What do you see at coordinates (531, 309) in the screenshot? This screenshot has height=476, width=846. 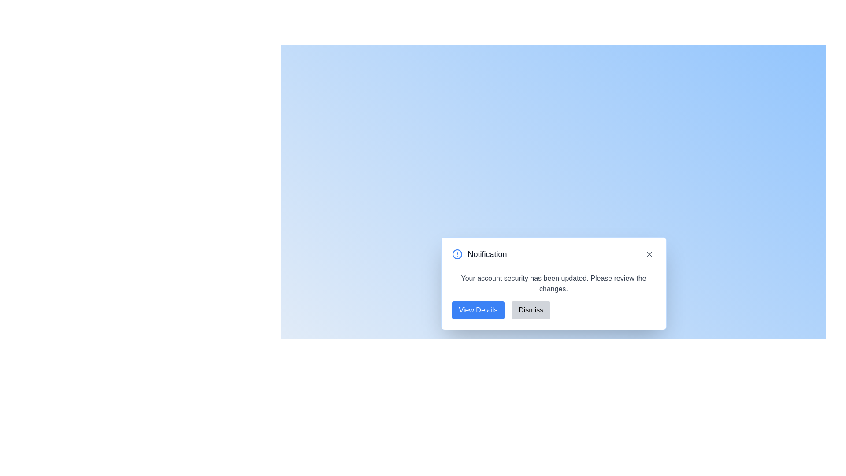 I see `the 'Dismiss' button to dismiss the alert` at bounding box center [531, 309].